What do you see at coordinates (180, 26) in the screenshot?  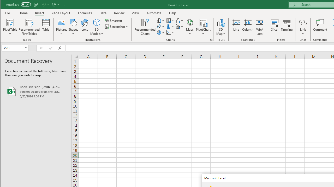 I see `'Insert Combo Chart'` at bounding box center [180, 26].